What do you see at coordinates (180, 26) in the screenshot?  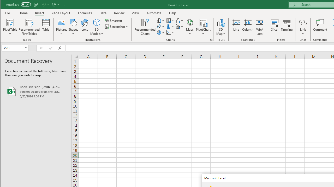 I see `'Insert Combo Chart'` at bounding box center [180, 26].